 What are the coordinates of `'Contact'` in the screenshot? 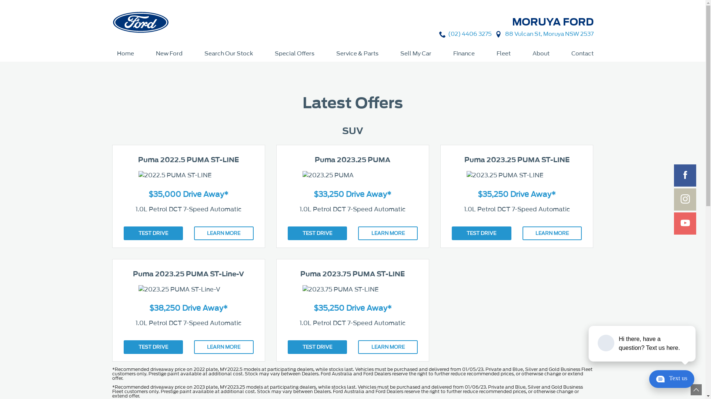 It's located at (580, 53).